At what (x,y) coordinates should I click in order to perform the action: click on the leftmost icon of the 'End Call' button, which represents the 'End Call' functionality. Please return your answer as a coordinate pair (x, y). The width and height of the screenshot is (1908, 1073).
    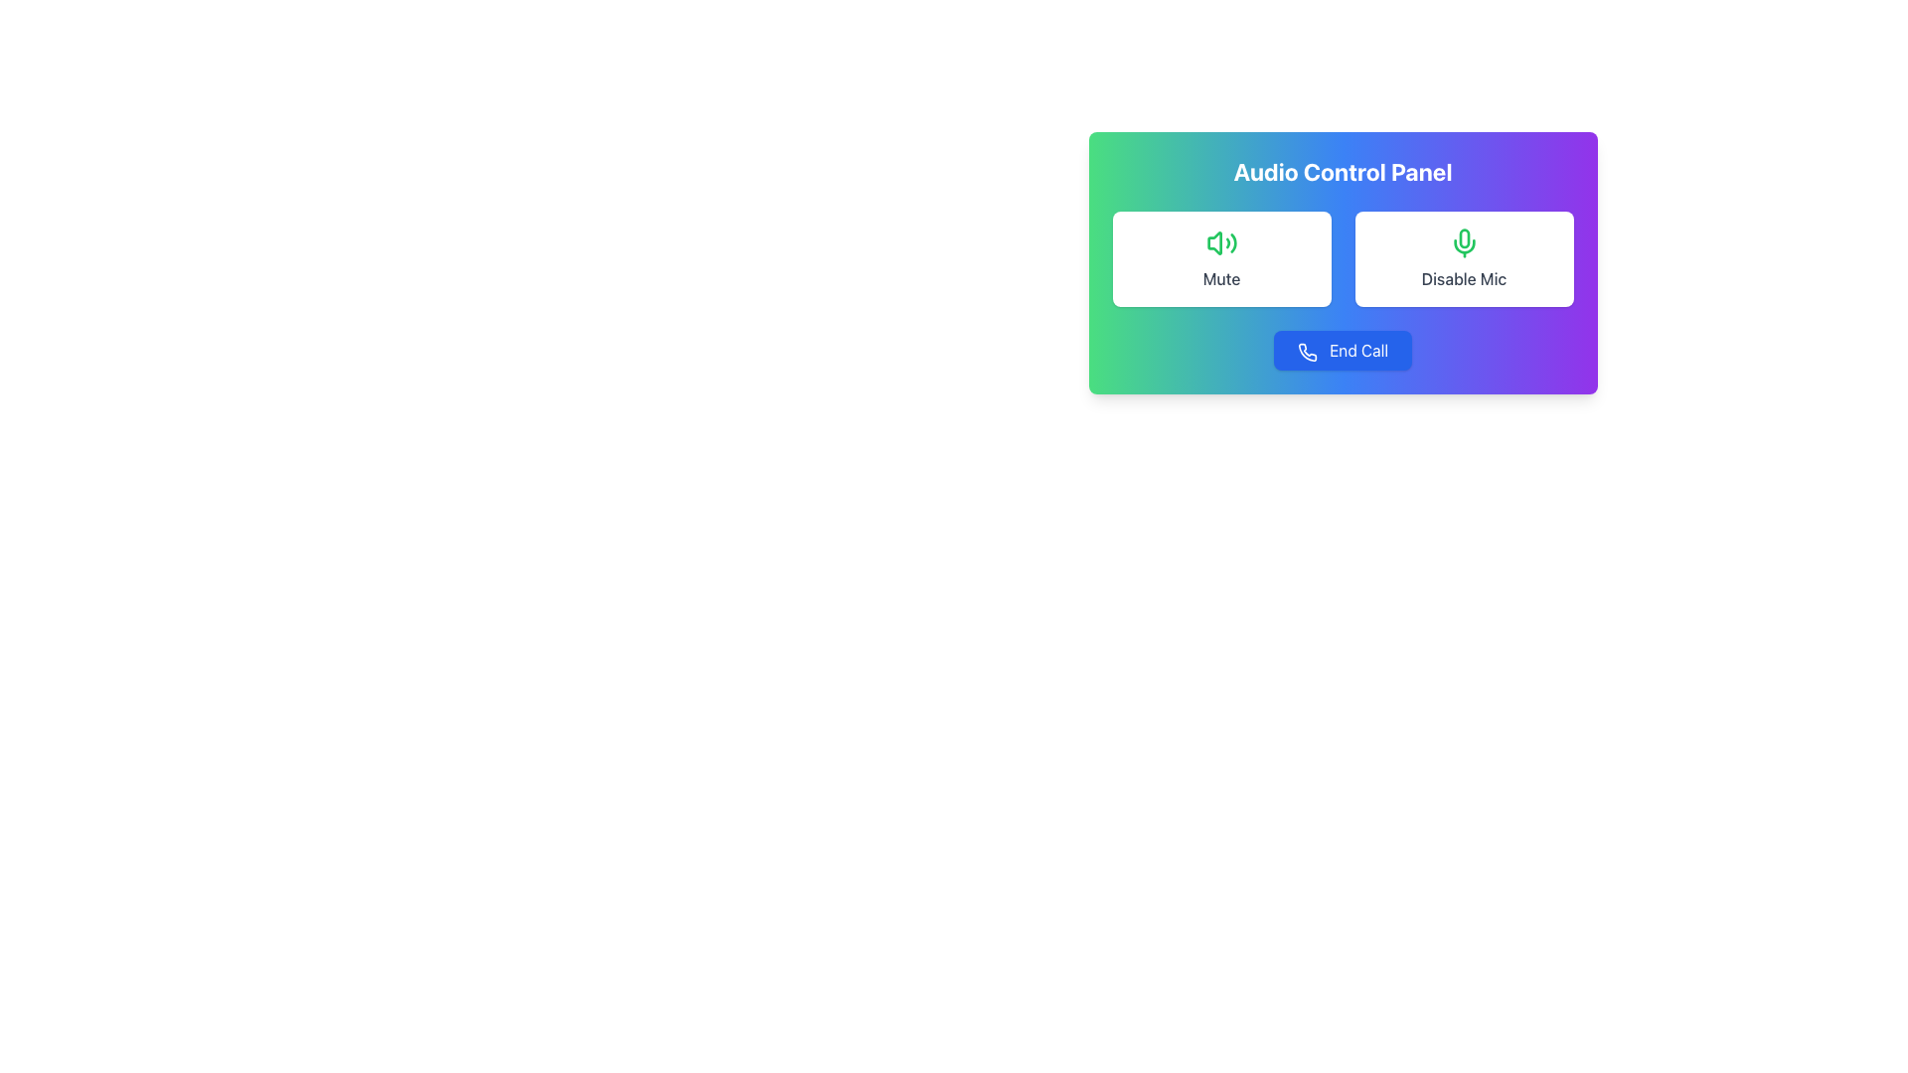
    Looking at the image, I should click on (1307, 351).